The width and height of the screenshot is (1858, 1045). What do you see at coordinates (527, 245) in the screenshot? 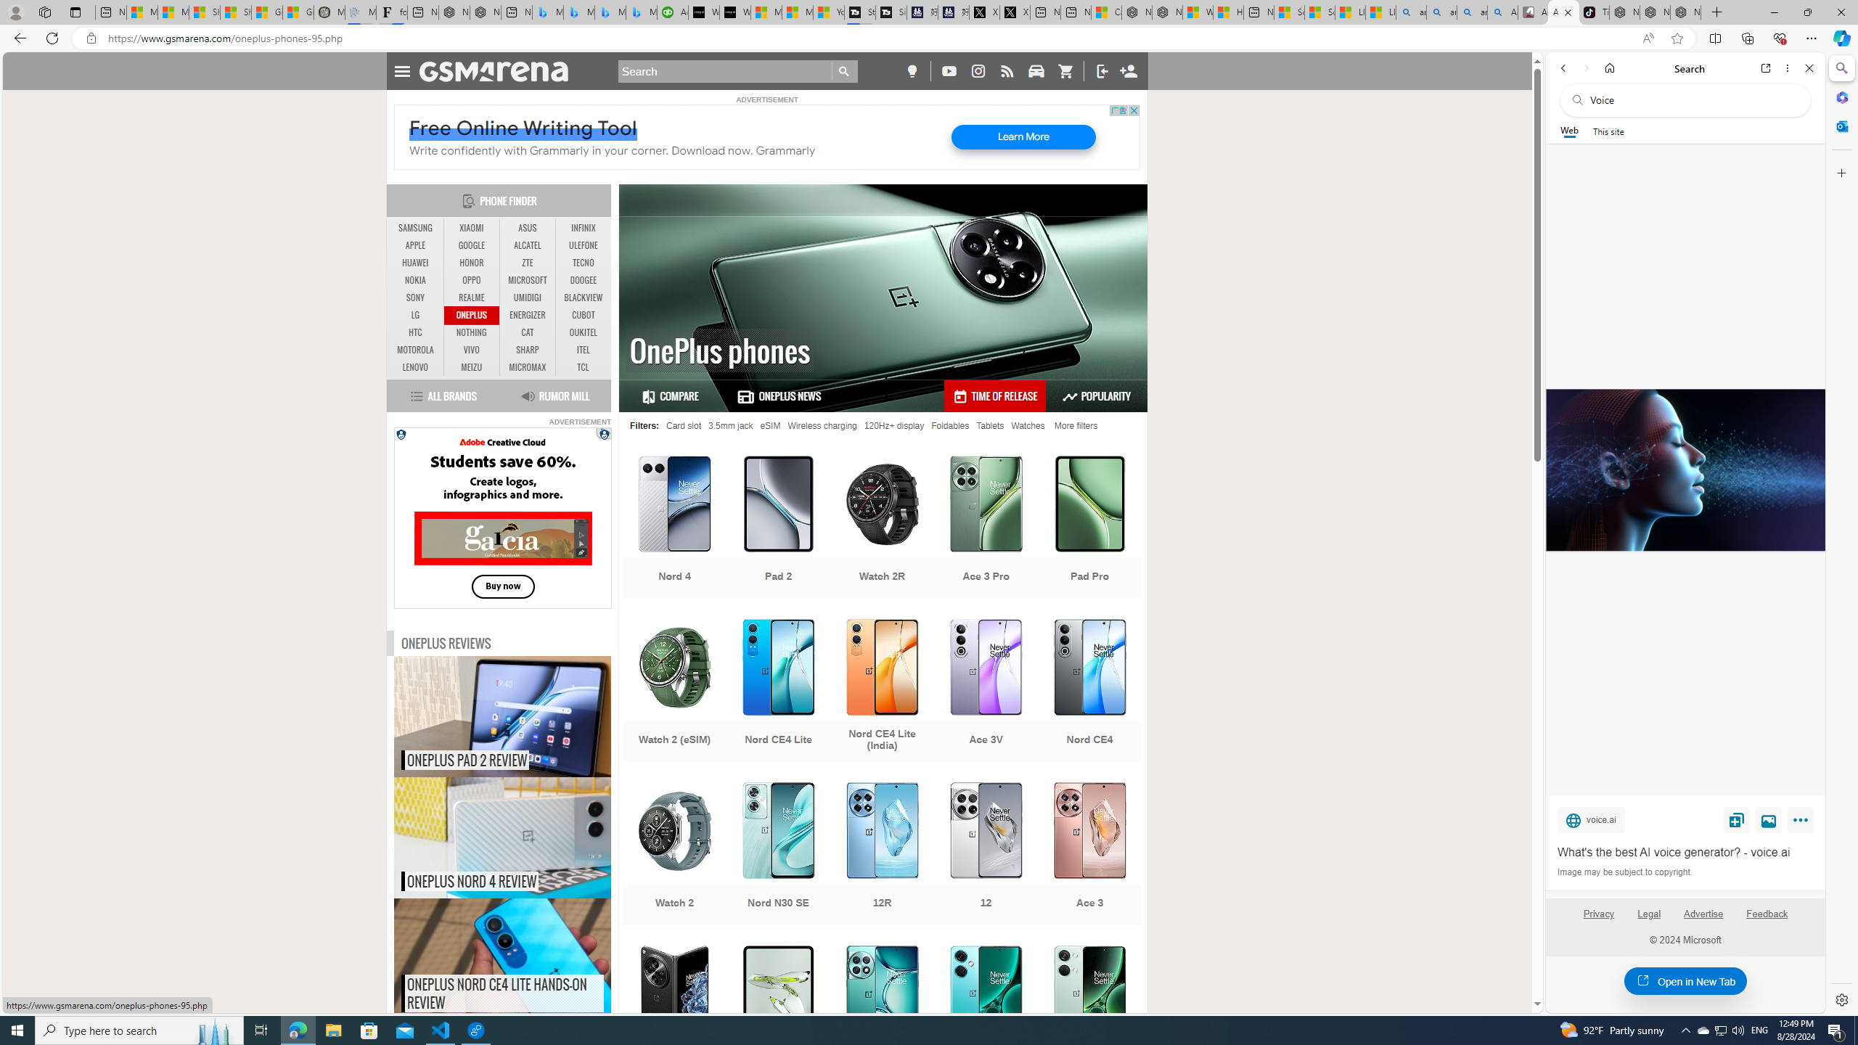
I see `'ALCATEL'` at bounding box center [527, 245].